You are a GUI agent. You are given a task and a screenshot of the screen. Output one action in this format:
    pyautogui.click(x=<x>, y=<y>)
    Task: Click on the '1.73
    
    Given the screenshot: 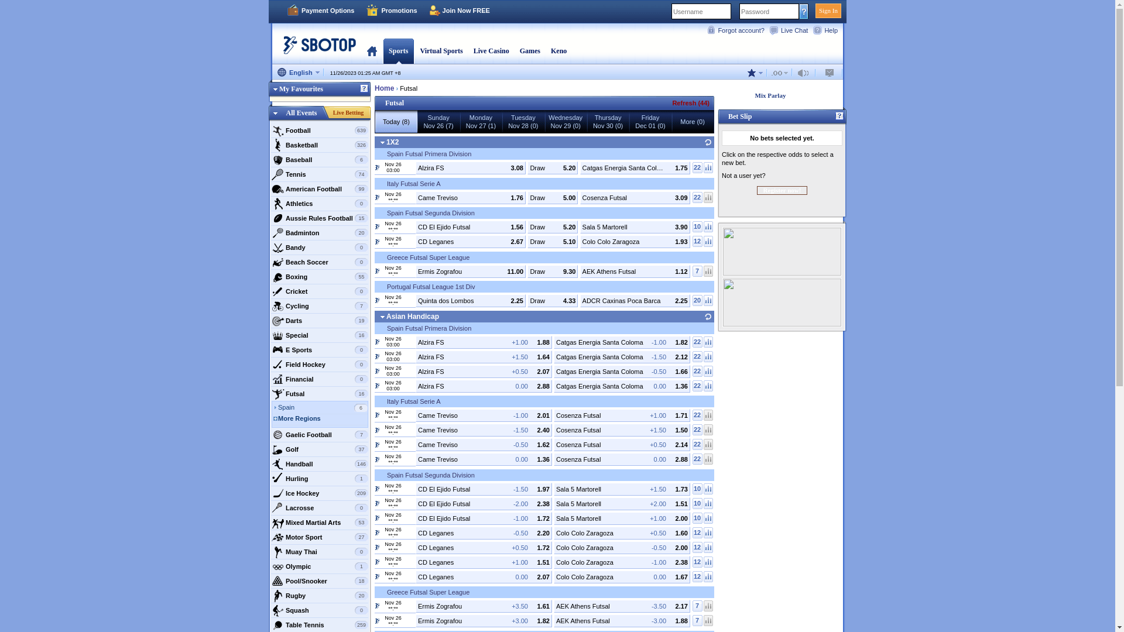 What is the action you would take?
    pyautogui.click(x=621, y=488)
    